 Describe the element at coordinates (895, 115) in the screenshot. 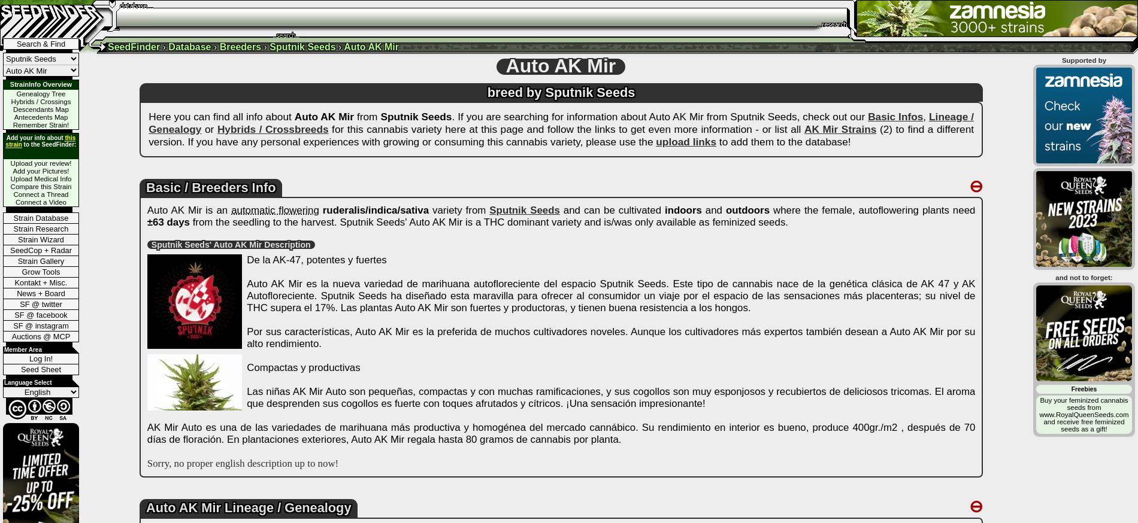

I see `'Basic Infos'` at that location.